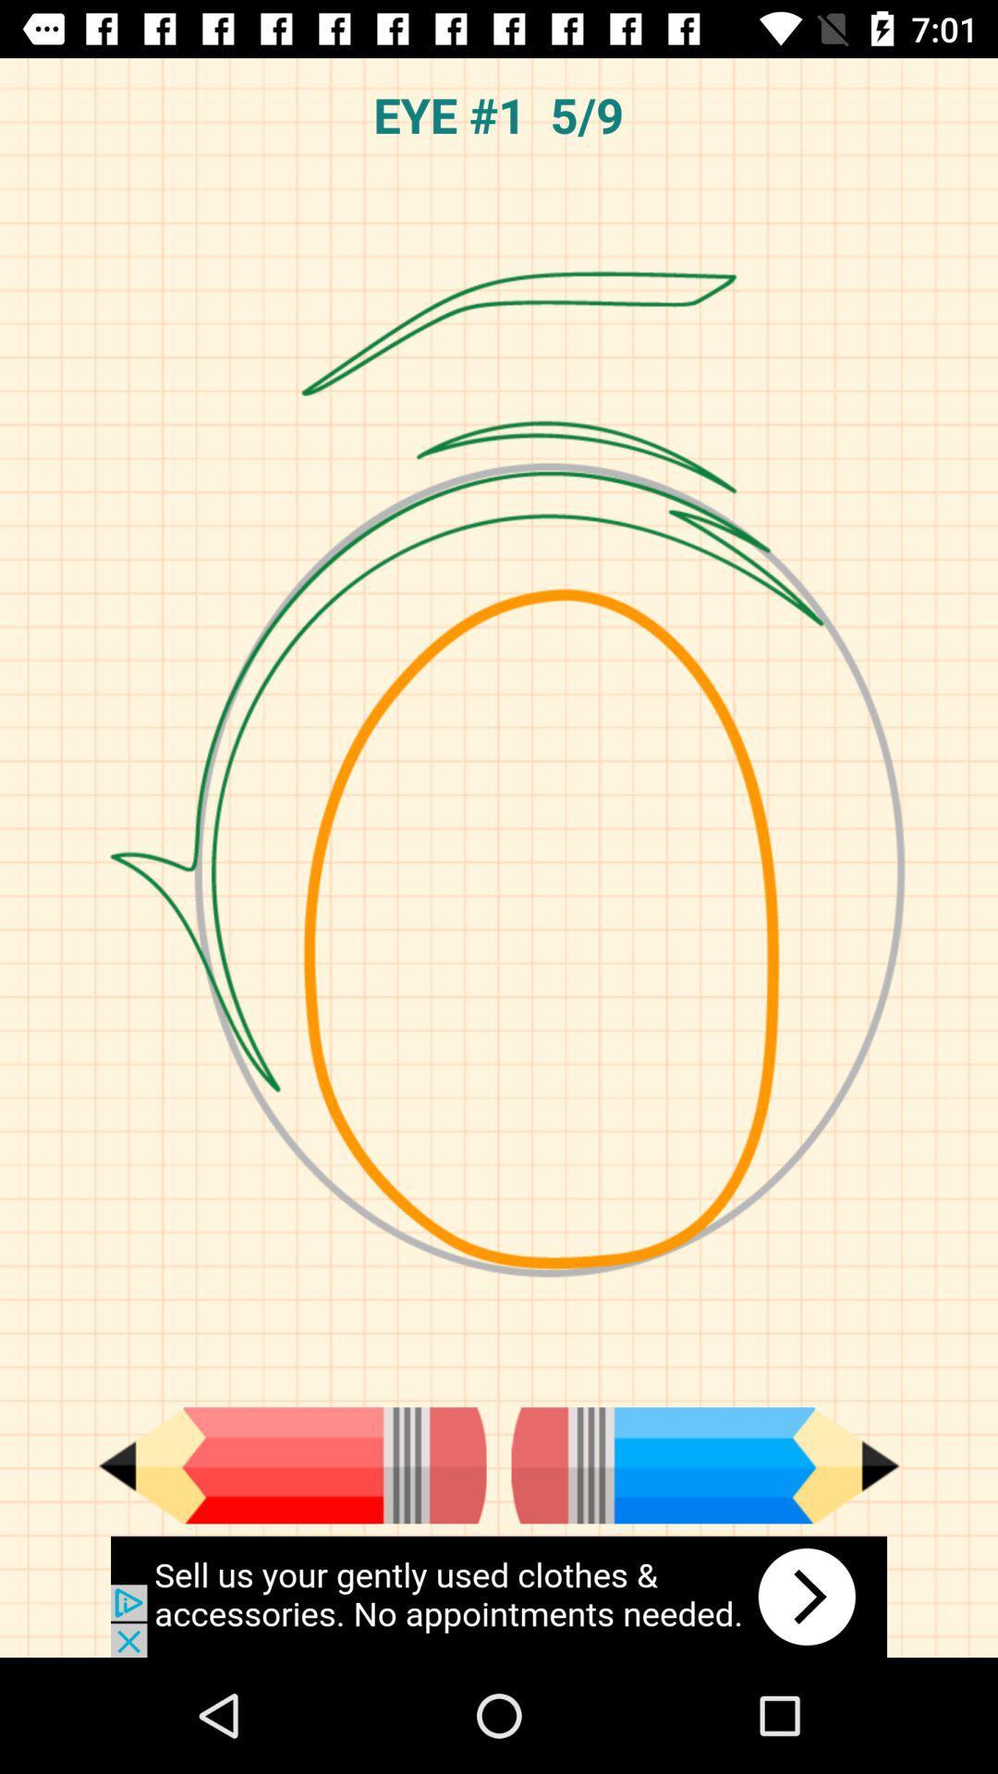 This screenshot has height=1774, width=998. What do you see at coordinates (499, 1596) in the screenshot?
I see `click advertisements` at bounding box center [499, 1596].